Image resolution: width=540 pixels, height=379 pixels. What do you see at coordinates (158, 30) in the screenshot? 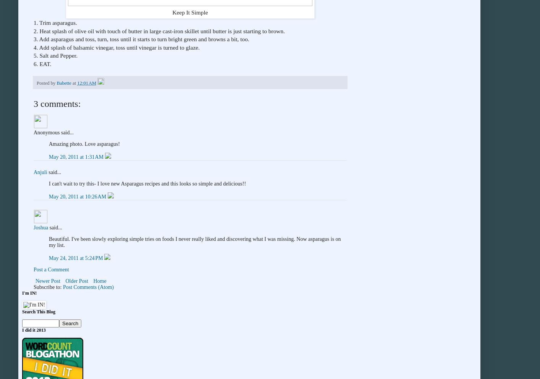
I see `'2. Heat splash of olive oil with touch of butter in large cast-iron skillet until butter is just starting to brown.'` at bounding box center [158, 30].